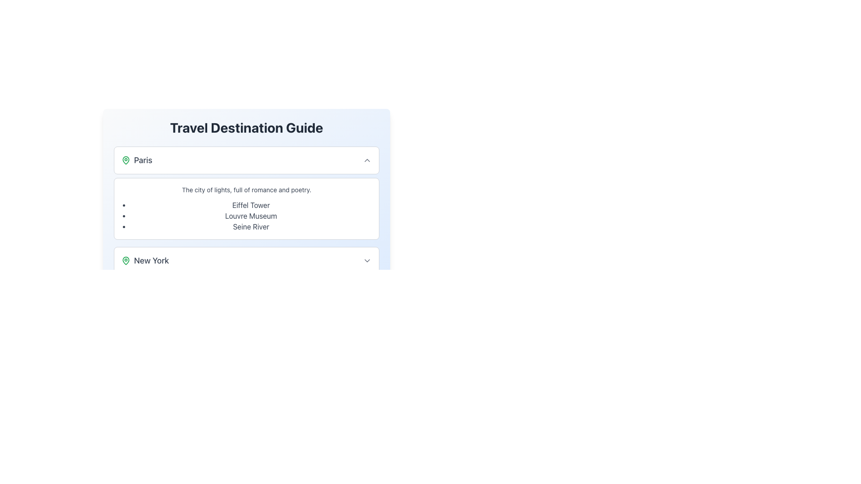 The image size is (861, 484). I want to click on text content of the first item in the bulleted list under the subtitle 'The city of lights, full of romance and poetry' in the 'Paris' section of the 'Travel Destination Guide', so click(251, 205).